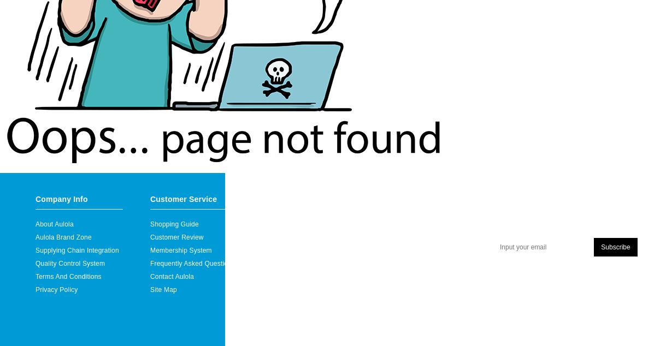  What do you see at coordinates (61, 198) in the screenshot?
I see `'Company Info'` at bounding box center [61, 198].